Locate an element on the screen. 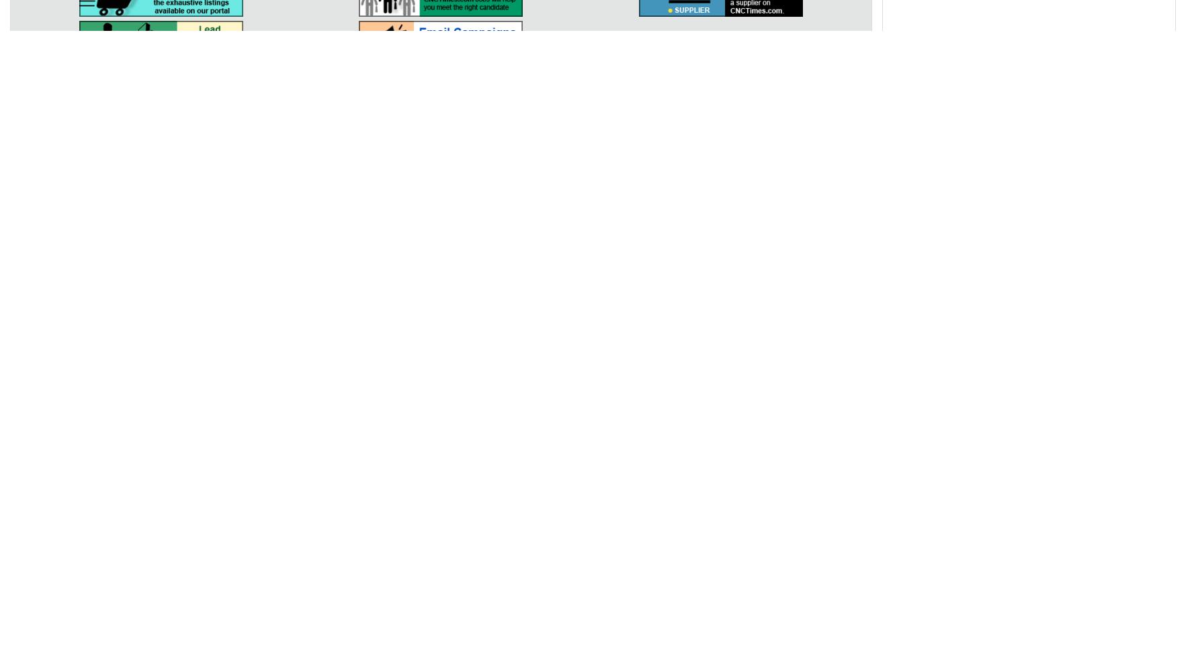 Image resolution: width=1196 pixels, height=656 pixels. 'Oil & Gas' is located at coordinates (829, 320).